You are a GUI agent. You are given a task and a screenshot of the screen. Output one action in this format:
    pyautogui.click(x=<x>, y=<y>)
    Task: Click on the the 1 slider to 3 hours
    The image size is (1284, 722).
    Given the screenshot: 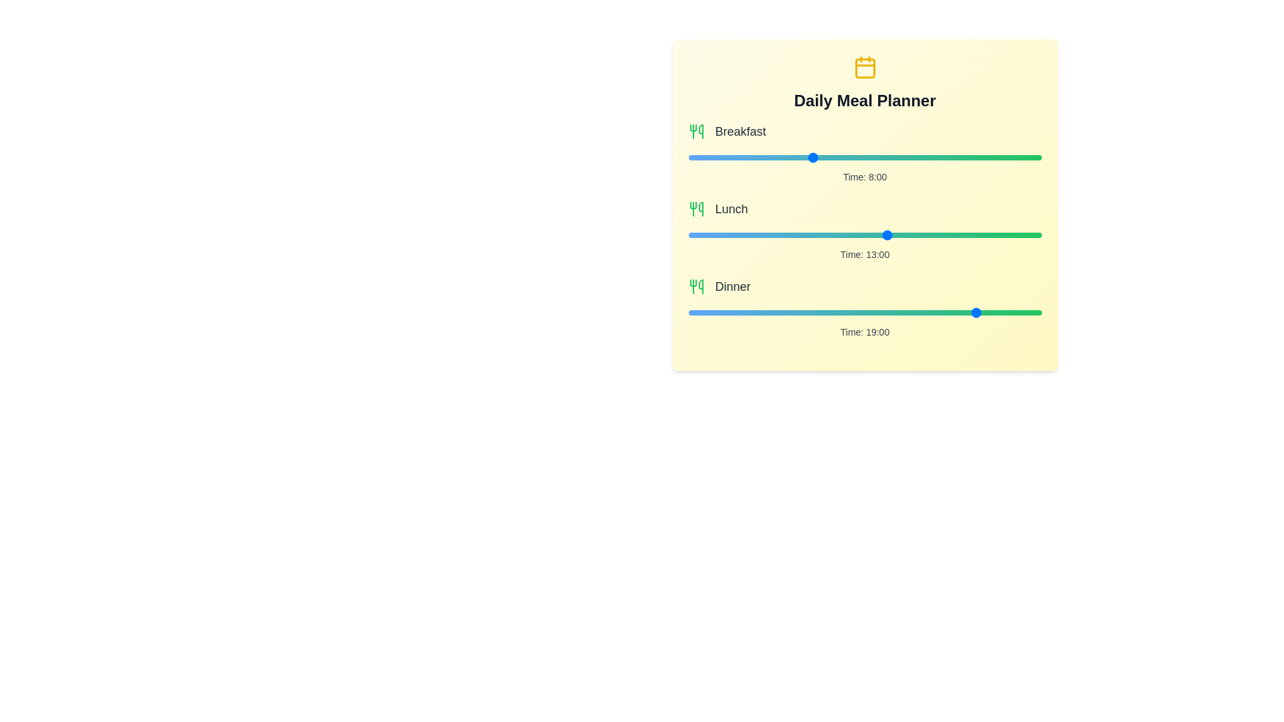 What is the action you would take?
    pyautogui.click(x=910, y=234)
    